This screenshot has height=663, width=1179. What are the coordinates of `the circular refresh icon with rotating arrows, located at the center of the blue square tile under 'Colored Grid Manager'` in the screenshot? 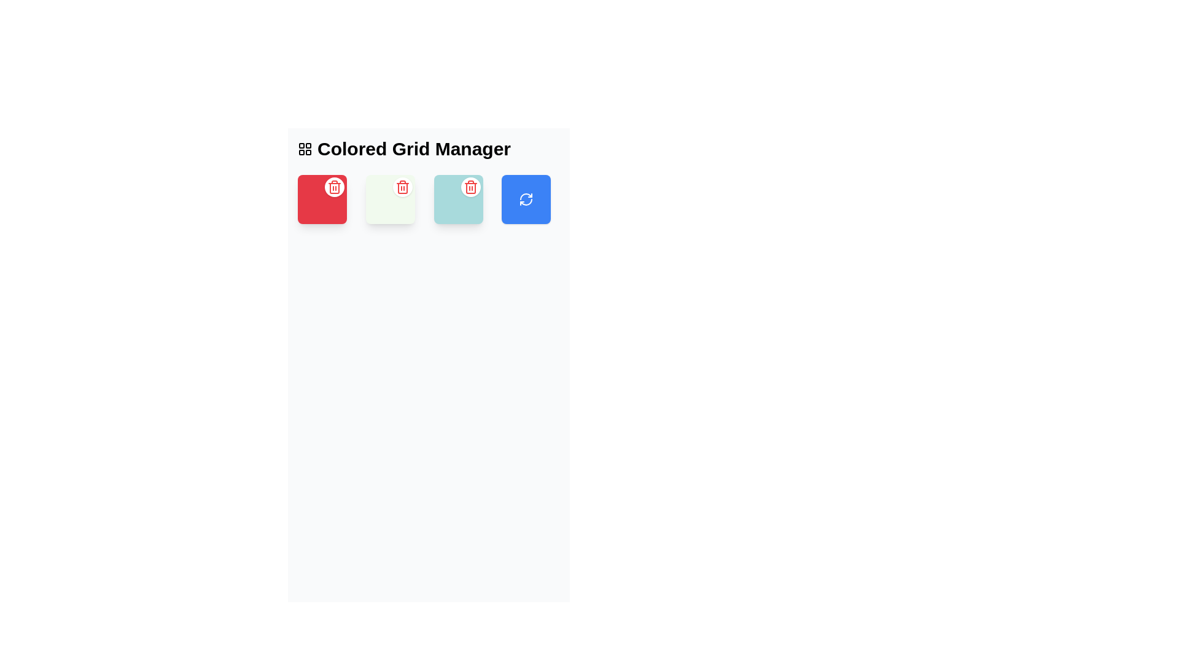 It's located at (526, 198).